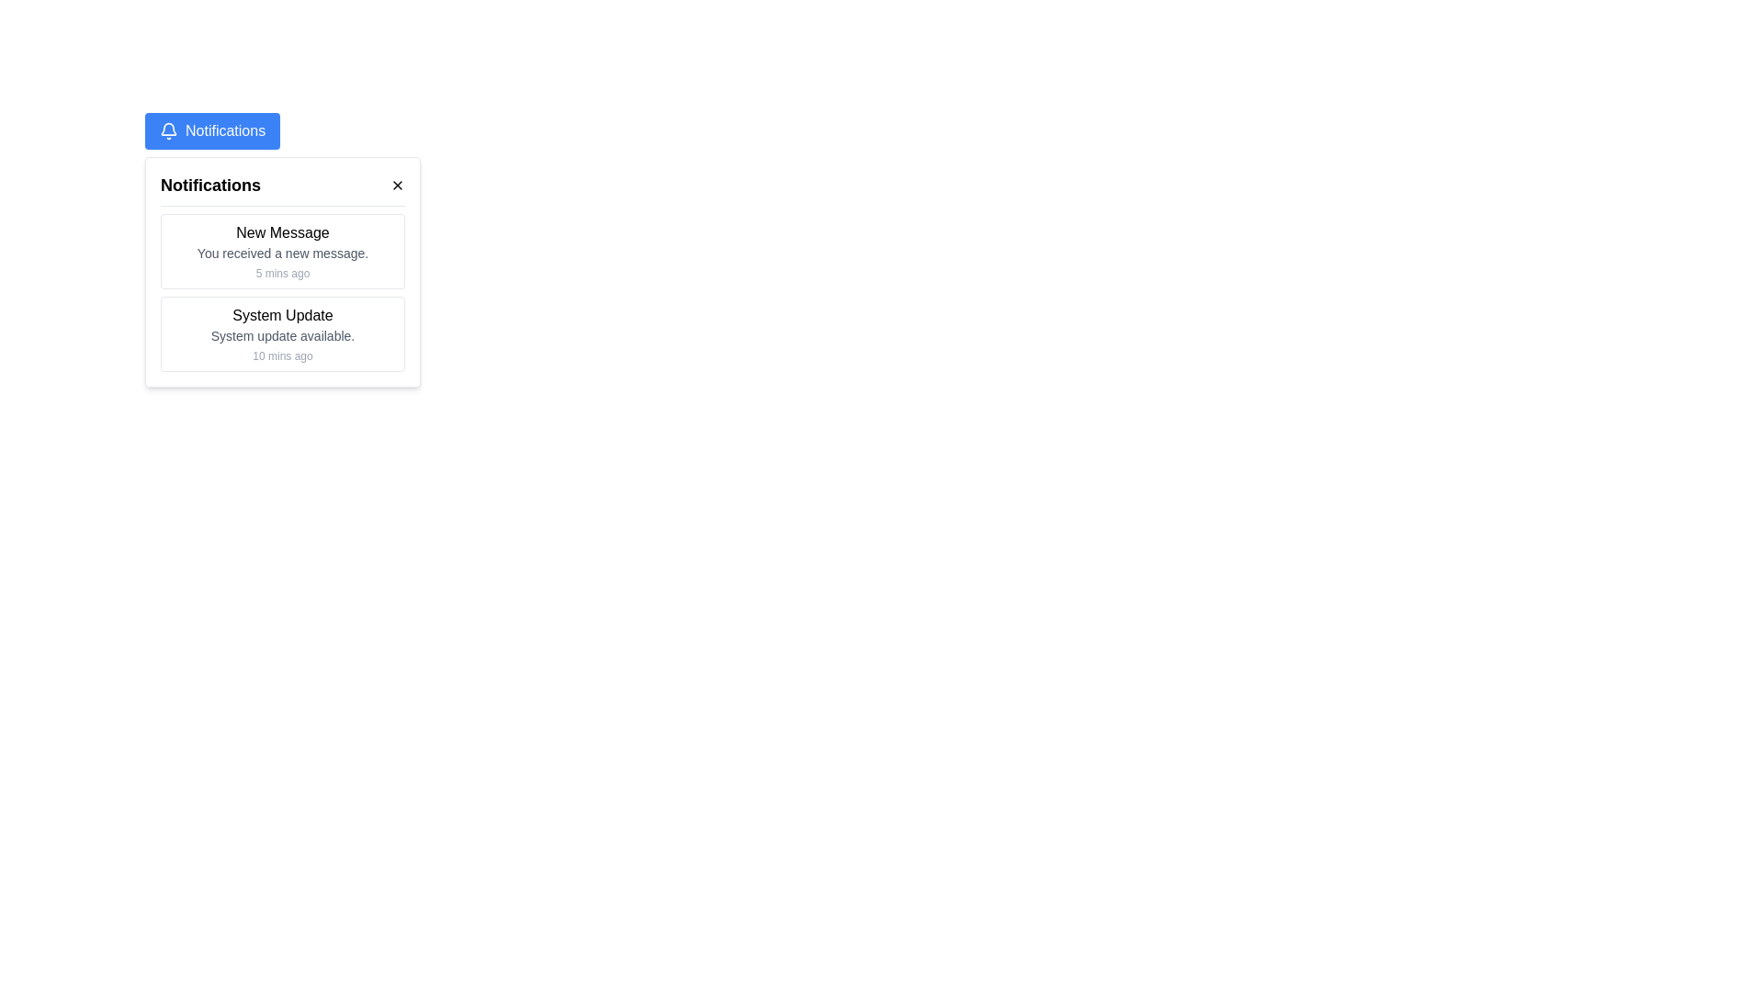 Image resolution: width=1764 pixels, height=992 pixels. I want to click on the Text Label that serves as a title for the notification item inside the notification card located at the top of the card, so click(281, 232).